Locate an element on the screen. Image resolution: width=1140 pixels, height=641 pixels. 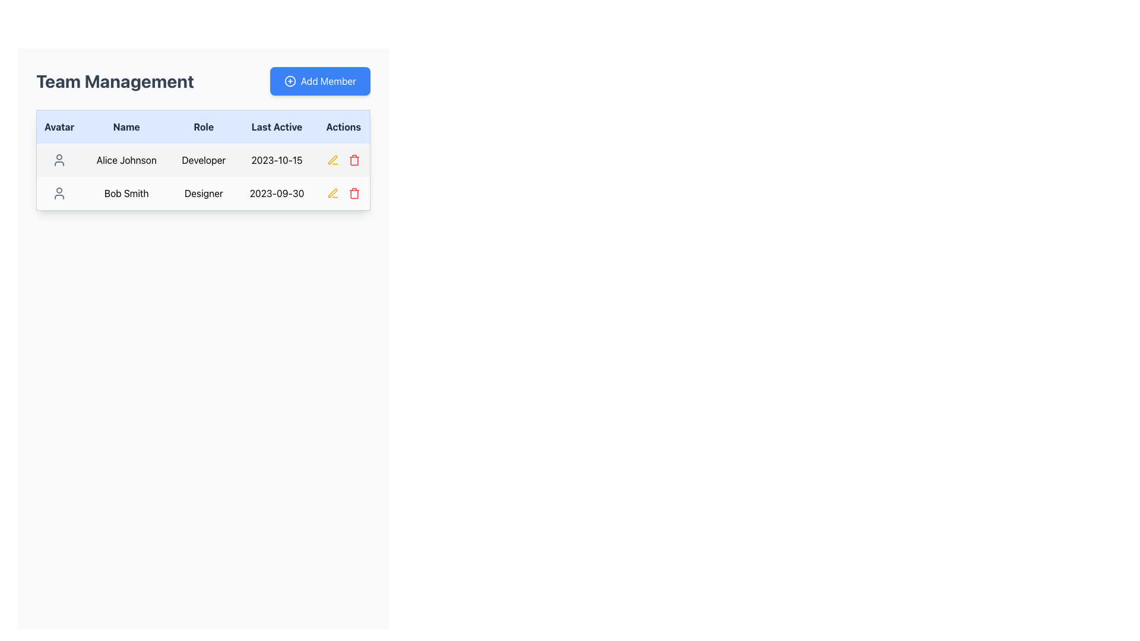
the 'Add Member' button with a blue background and white text located in the top-right corner of the 'Team Management' section to observe interaction effects is located at coordinates (320, 81).